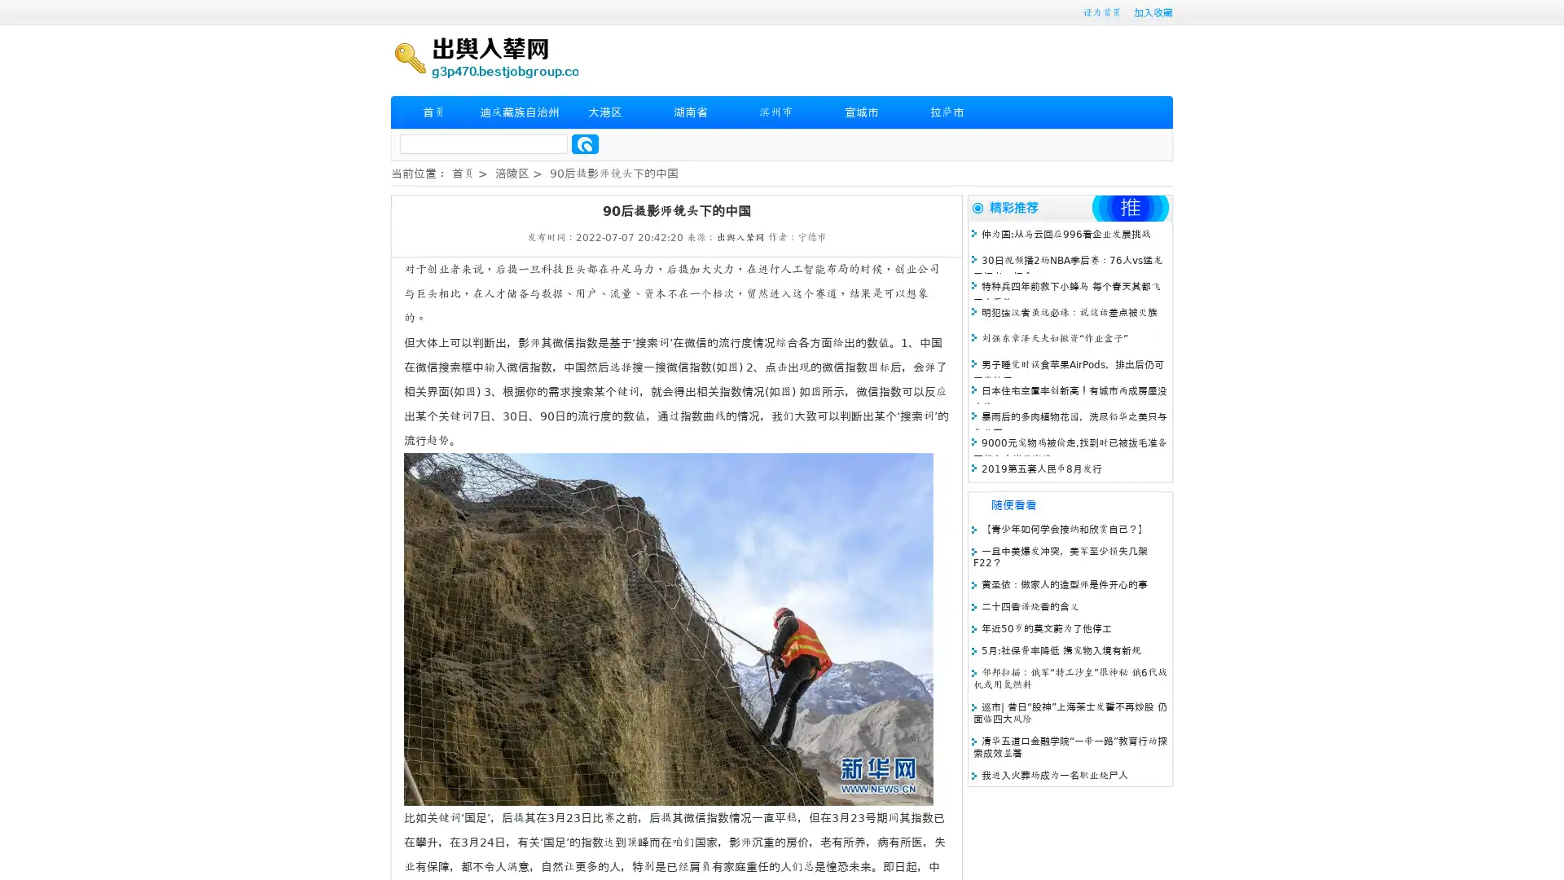 The width and height of the screenshot is (1564, 880). What do you see at coordinates (585, 143) in the screenshot?
I see `Search` at bounding box center [585, 143].